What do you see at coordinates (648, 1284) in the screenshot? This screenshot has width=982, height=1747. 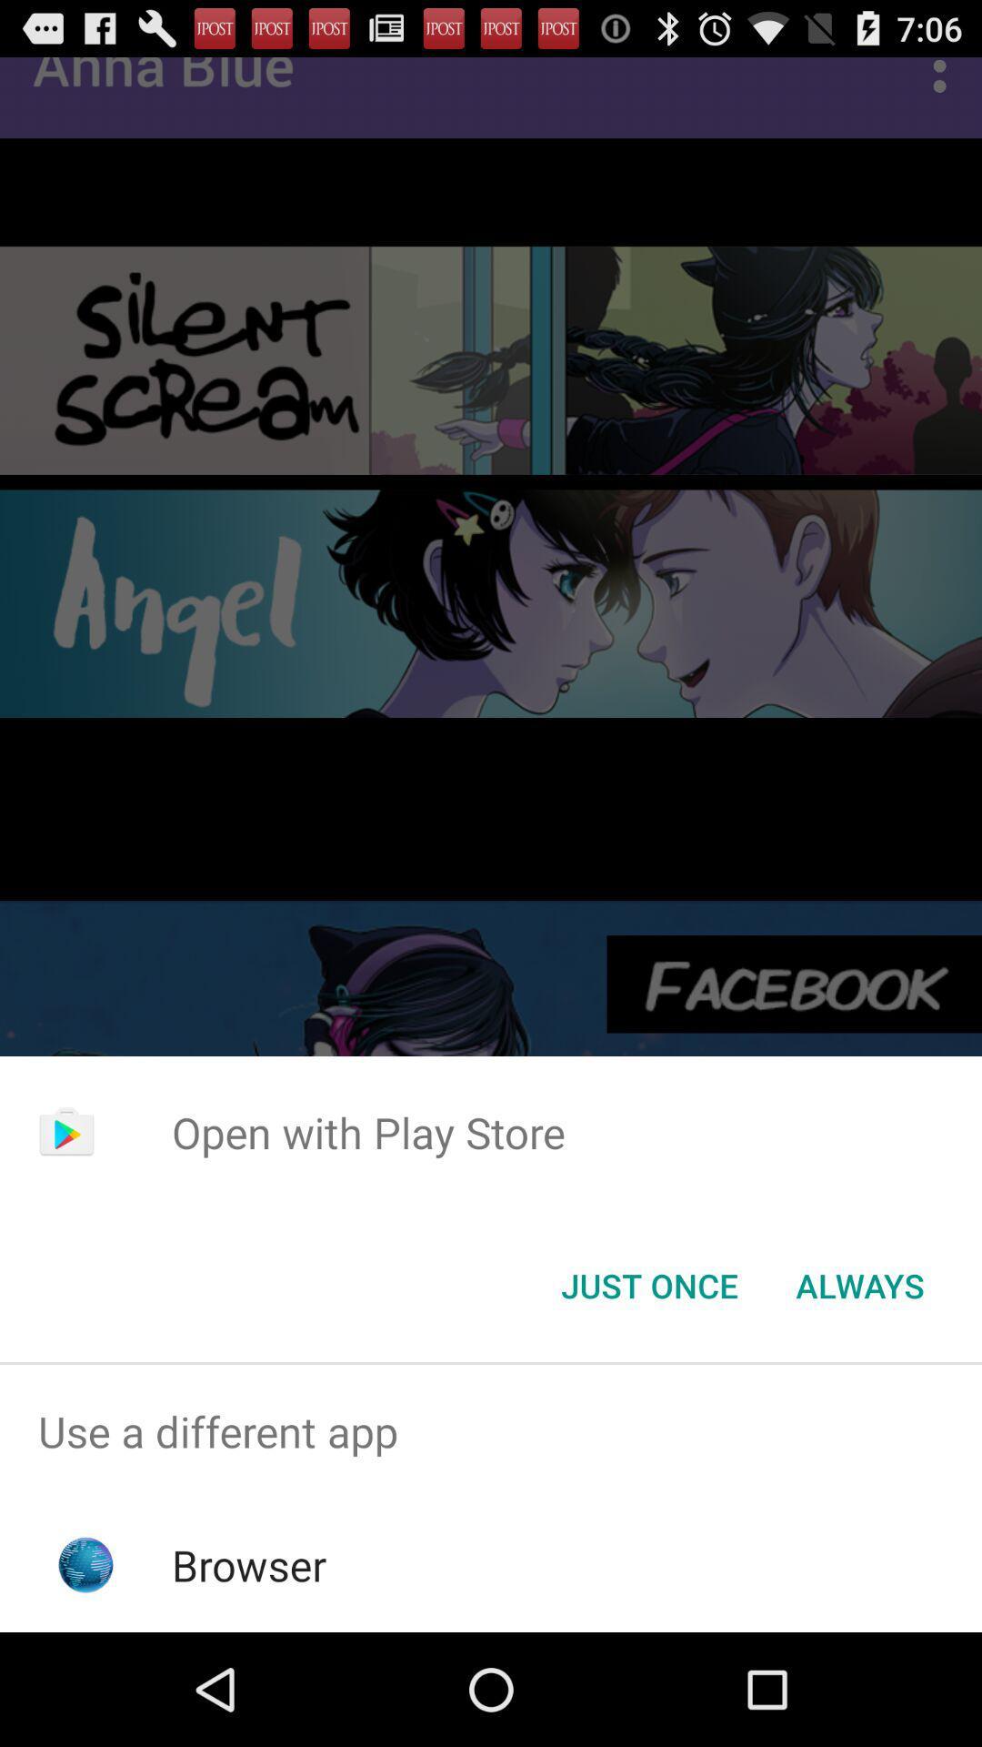 I see `the just once button` at bounding box center [648, 1284].